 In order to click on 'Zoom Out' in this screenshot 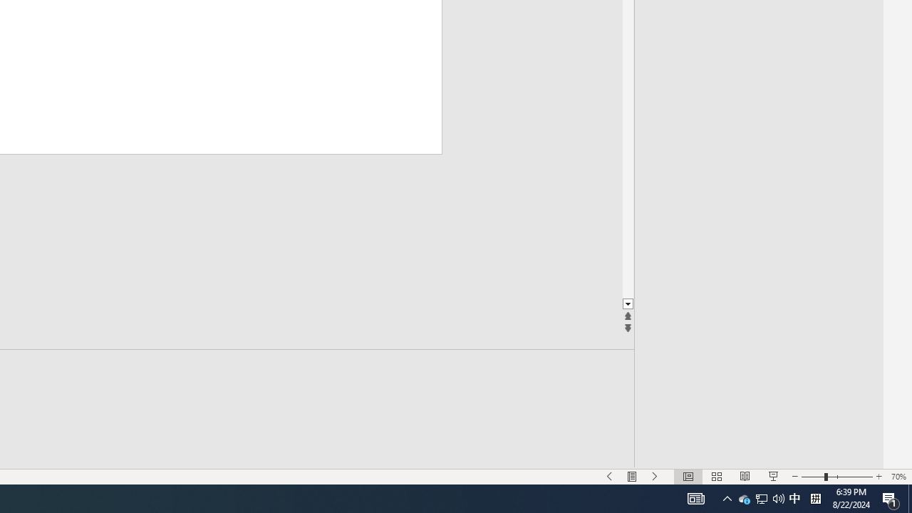, I will do `click(813, 477)`.